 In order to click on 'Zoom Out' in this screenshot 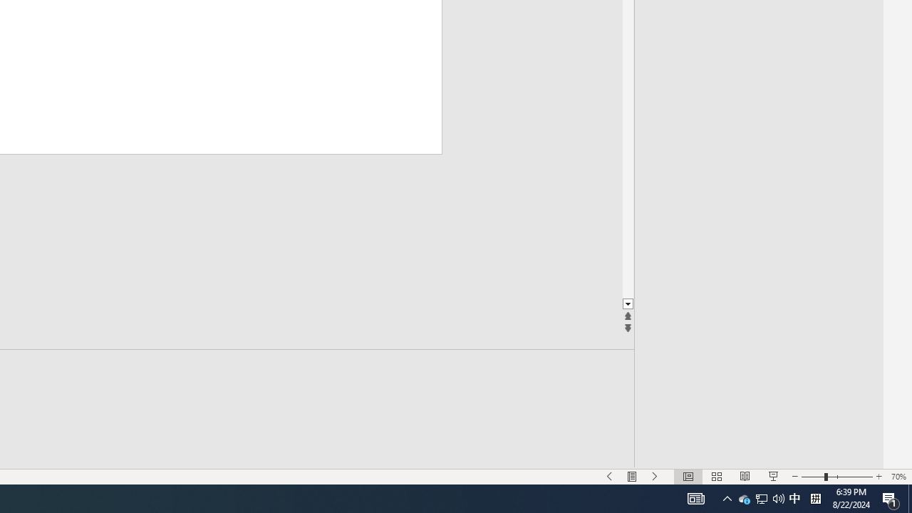, I will do `click(813, 477)`.